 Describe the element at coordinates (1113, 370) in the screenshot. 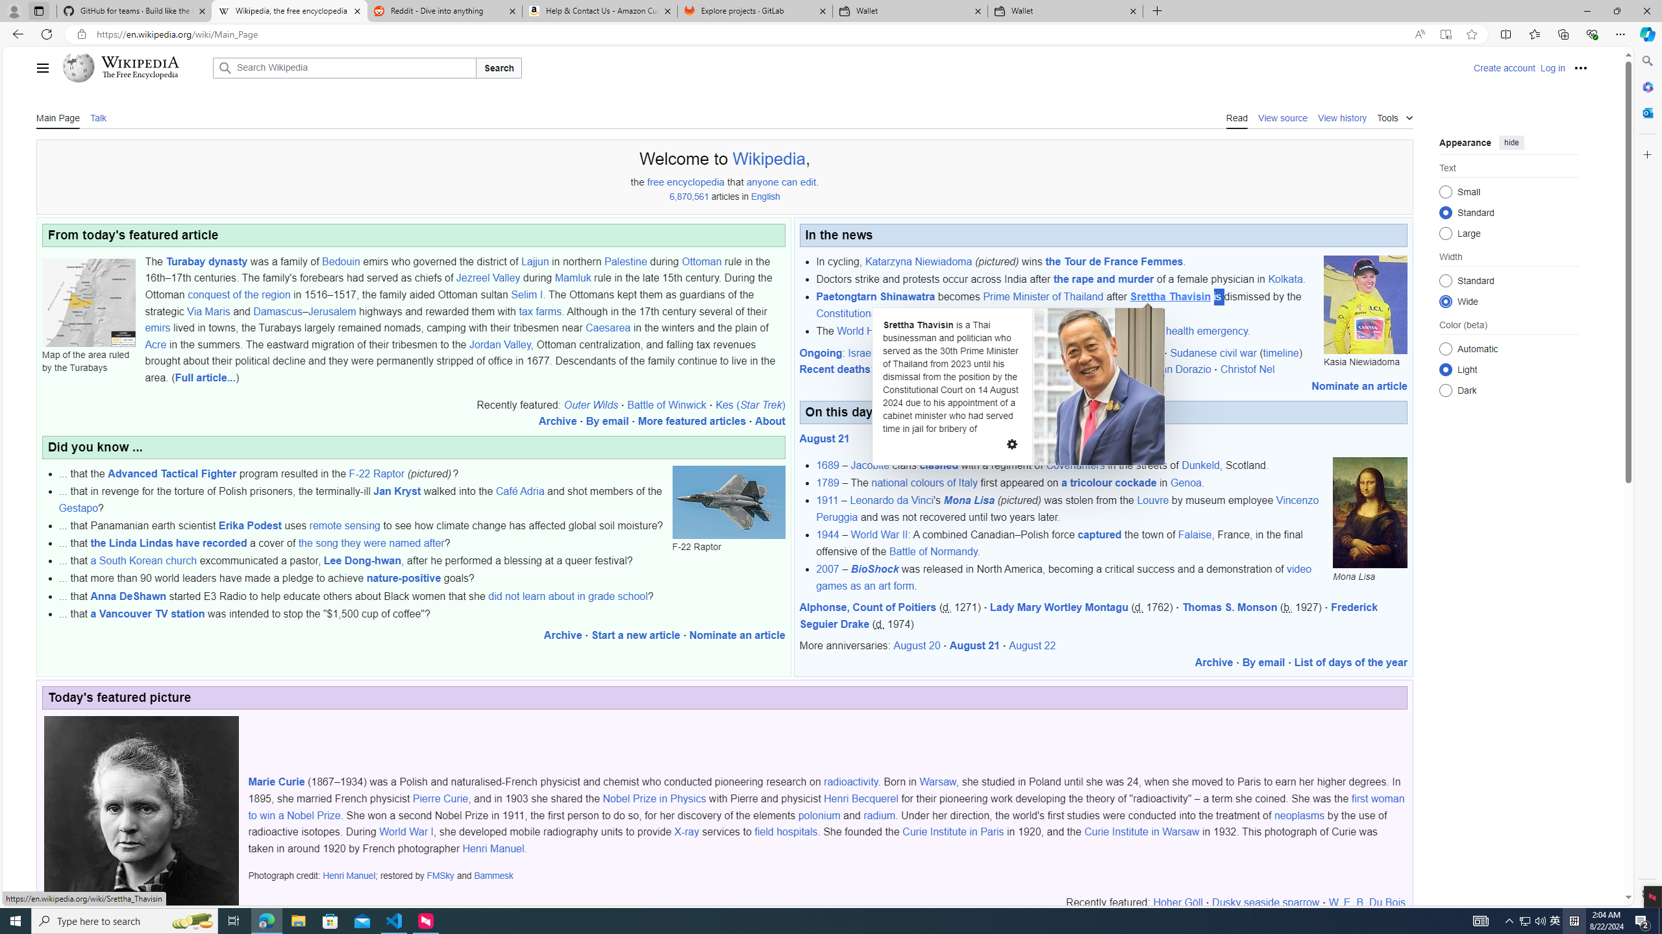

I see `'John Lansing'` at that location.